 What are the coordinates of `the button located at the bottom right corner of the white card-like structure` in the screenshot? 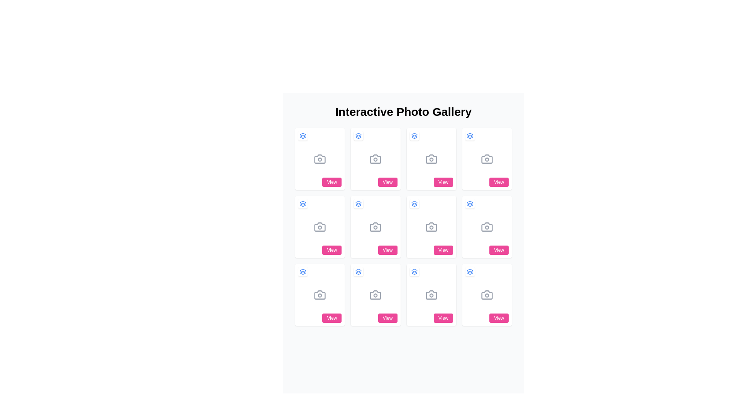 It's located at (332, 182).